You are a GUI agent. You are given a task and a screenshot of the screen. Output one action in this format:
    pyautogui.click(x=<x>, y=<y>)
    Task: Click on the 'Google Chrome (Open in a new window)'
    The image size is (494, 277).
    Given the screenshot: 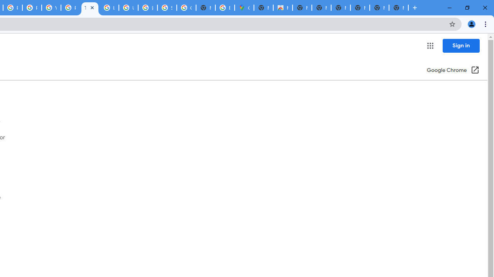 What is the action you would take?
    pyautogui.click(x=453, y=70)
    